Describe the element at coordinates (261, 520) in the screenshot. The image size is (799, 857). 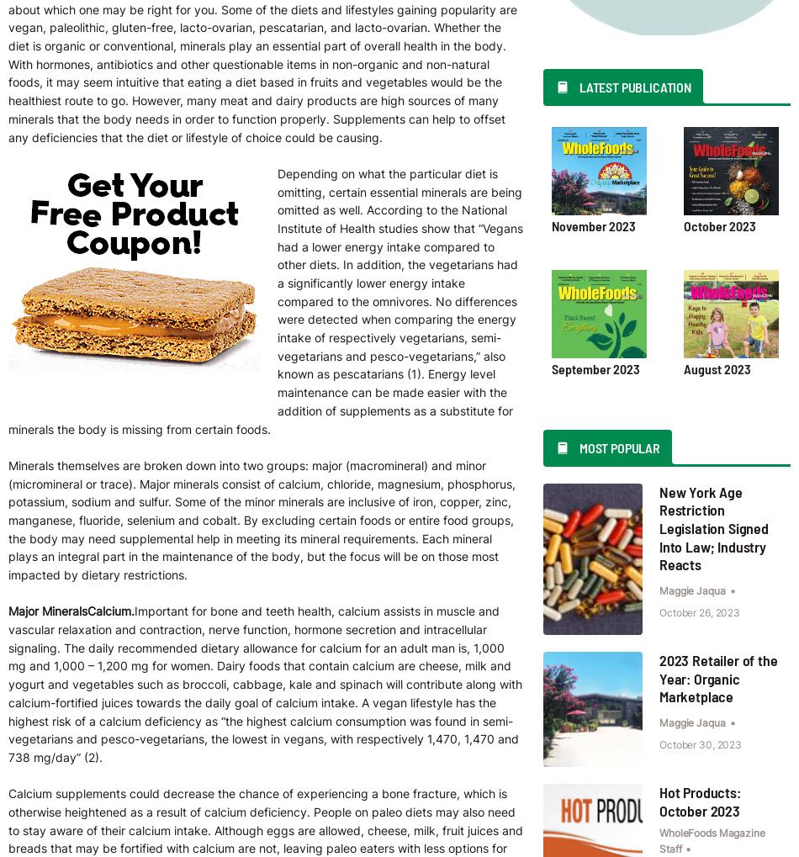
I see `'Minerals themselves are broken down into two groups: major (macromineral) and minor (micromineral or trace). Major minerals consist of calcium, chloride, magnesium, phosphorus, potassium, sodium and sulfur. Some of the minor minerals are inclusive of iron, copper, zinc, manganese, fluoride, selenium and cobalt. By excluding certain foods or entire food groups, the body may need supplemental help in meeting its mineral requirements. Each mineral plays an integral part in the maintenance of the body, but the focus will be on those most impacted by dietary restrictions.'` at that location.